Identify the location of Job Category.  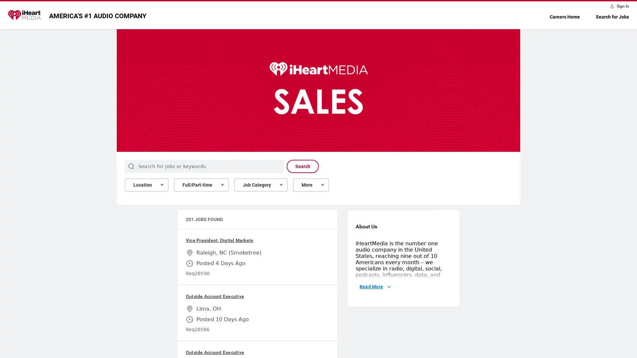
(260, 185).